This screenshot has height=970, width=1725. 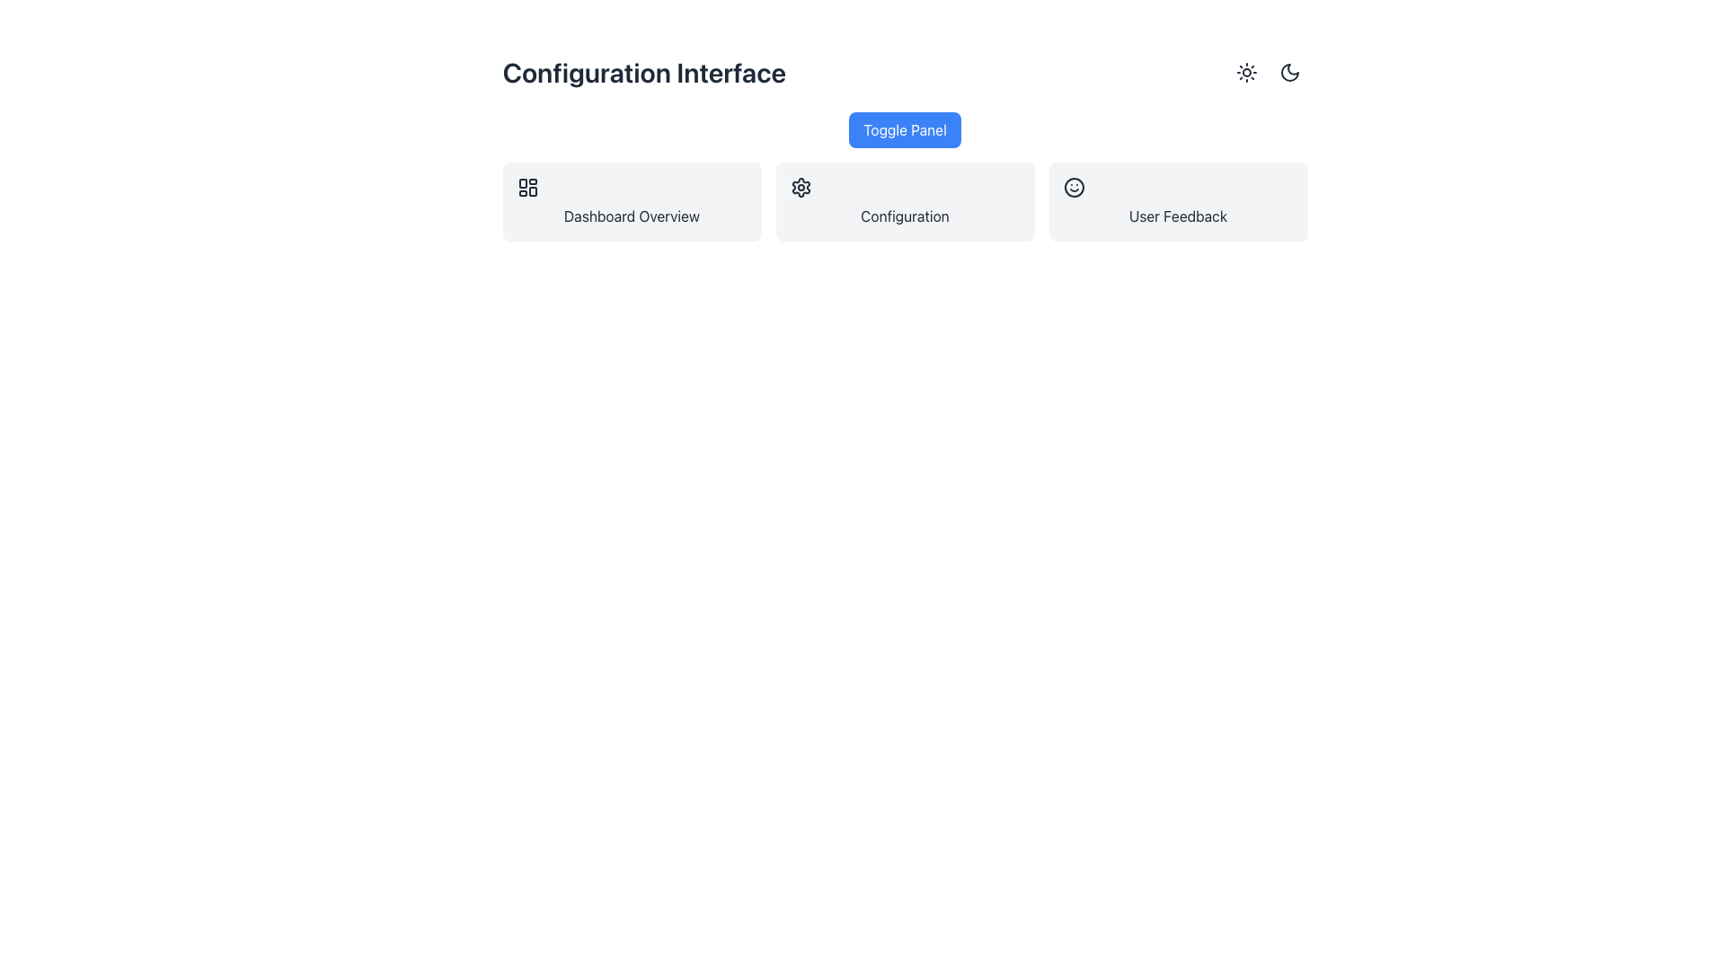 What do you see at coordinates (905, 147) in the screenshot?
I see `the blue rectangular button labeled 'Toggle Panel'` at bounding box center [905, 147].